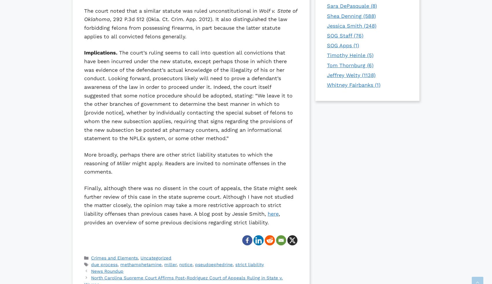  What do you see at coordinates (190, 14) in the screenshot?
I see `'Wolf v. State of Oklahoma'` at bounding box center [190, 14].